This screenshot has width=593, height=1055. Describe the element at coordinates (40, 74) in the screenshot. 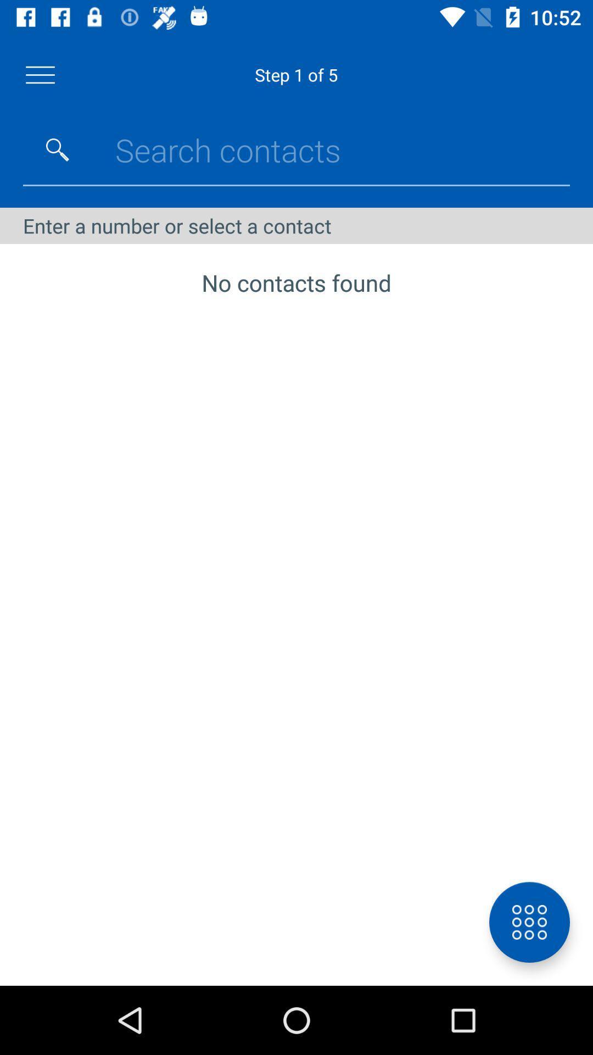

I see `menu` at that location.